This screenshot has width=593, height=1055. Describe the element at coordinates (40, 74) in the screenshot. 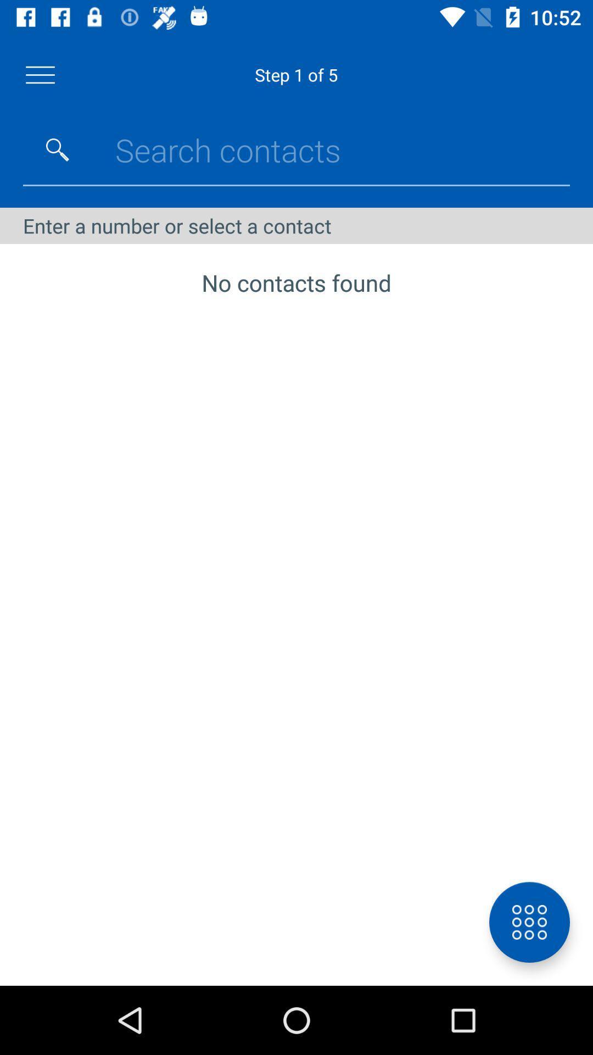

I see `menu` at that location.